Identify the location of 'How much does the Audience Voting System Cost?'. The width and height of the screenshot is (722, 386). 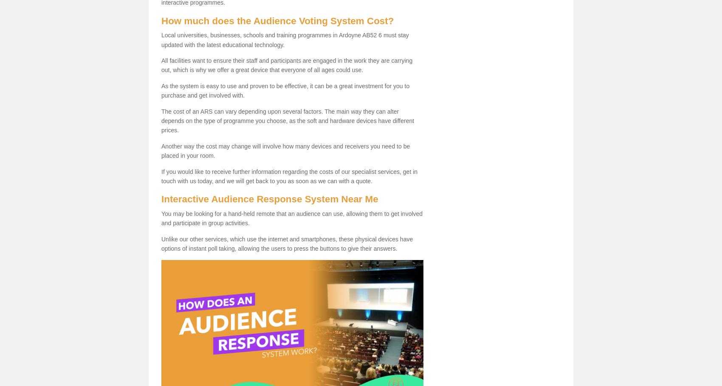
(277, 20).